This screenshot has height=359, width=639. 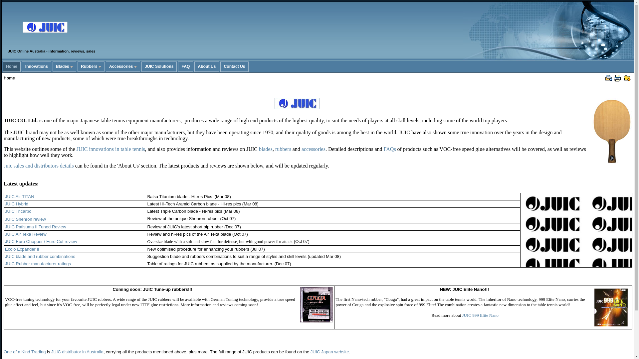 I want to click on 'JUIC Tricarbo', so click(x=18, y=211).